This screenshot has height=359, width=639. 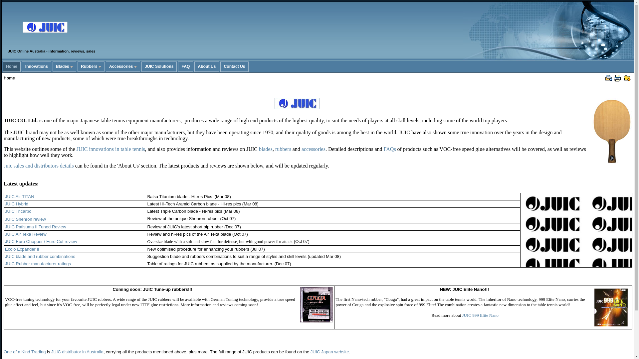 I want to click on 'JUIC Tricarbo', so click(x=18, y=211).